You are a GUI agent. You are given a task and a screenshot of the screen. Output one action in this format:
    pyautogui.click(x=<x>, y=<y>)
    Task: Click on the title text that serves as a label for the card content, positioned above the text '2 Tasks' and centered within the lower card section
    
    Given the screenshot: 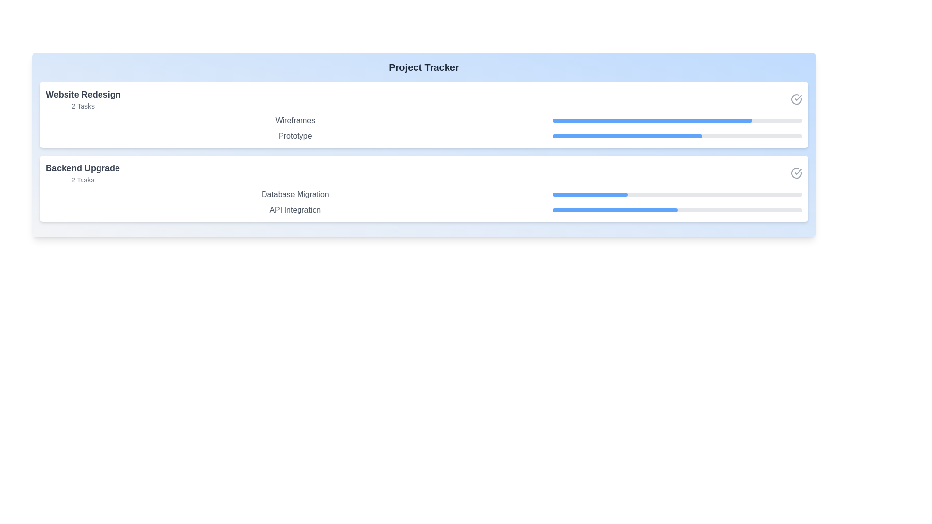 What is the action you would take?
    pyautogui.click(x=83, y=168)
    